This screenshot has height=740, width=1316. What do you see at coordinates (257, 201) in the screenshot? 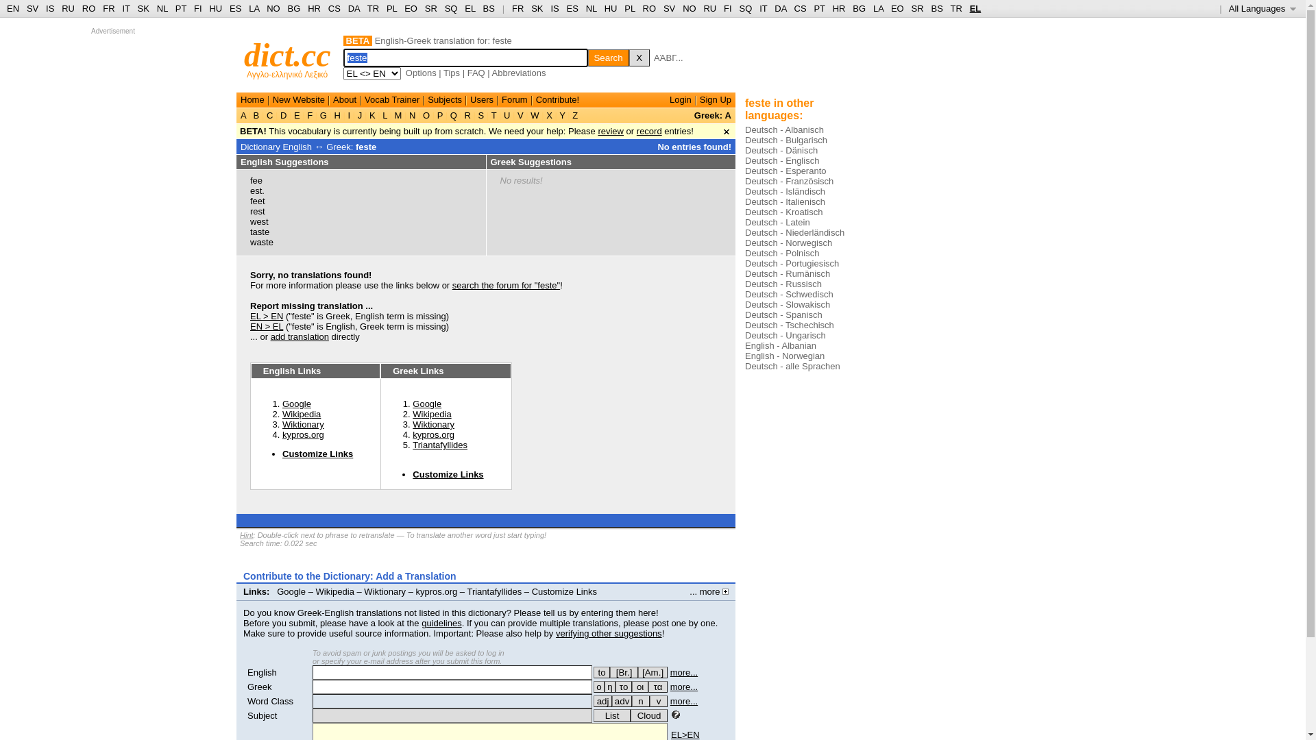
I see `'feet'` at bounding box center [257, 201].